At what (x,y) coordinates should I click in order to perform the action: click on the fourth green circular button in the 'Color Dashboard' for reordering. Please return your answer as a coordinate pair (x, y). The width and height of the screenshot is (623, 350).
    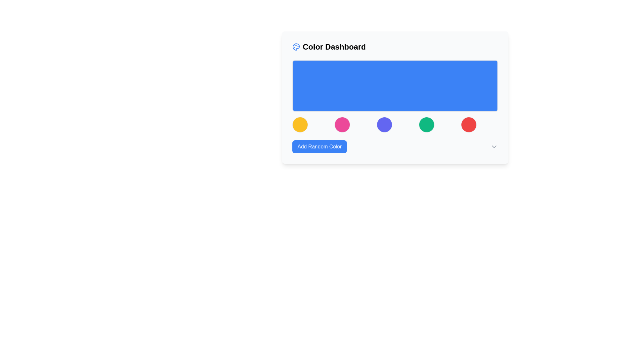
    Looking at the image, I should click on (427, 125).